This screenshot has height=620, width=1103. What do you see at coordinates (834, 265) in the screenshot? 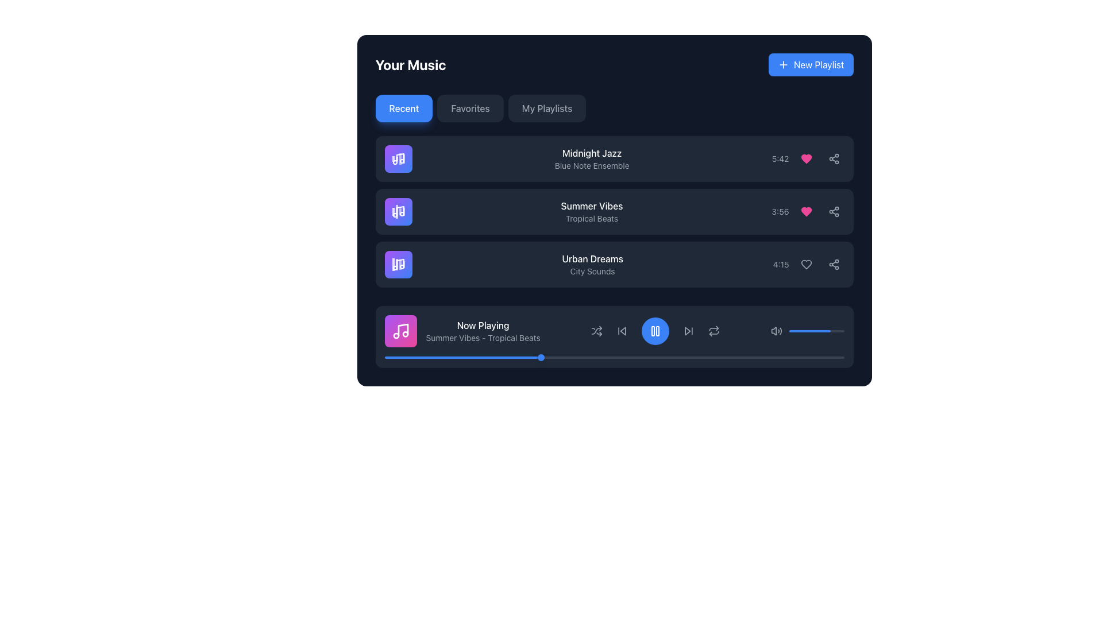
I see `the share button located at the rightmost part of the 'Urban Dreams' track row in the 'Your Music' section` at bounding box center [834, 265].